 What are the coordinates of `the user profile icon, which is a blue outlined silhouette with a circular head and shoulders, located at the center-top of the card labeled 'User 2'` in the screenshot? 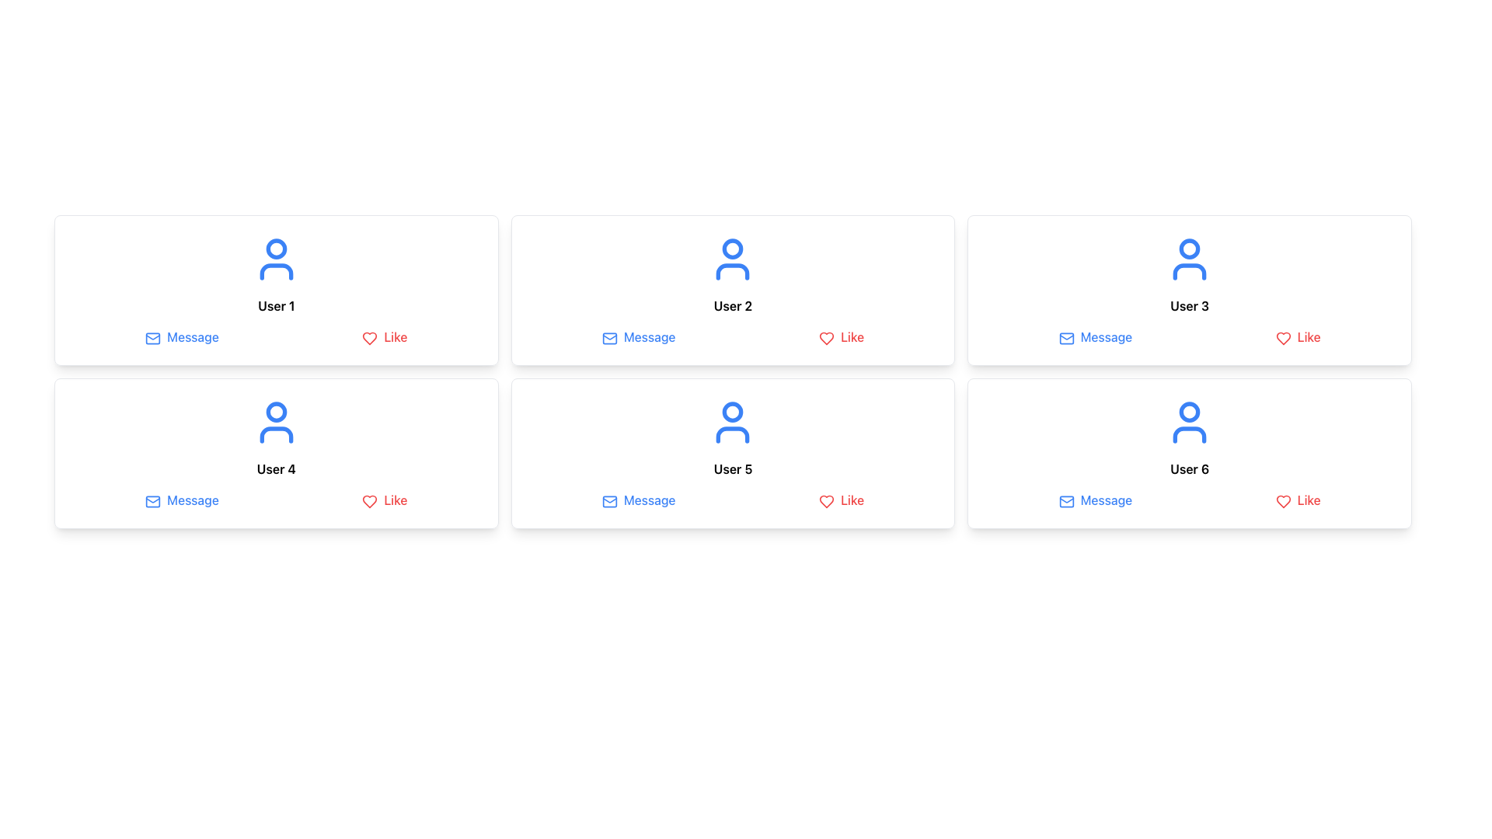 It's located at (732, 259).